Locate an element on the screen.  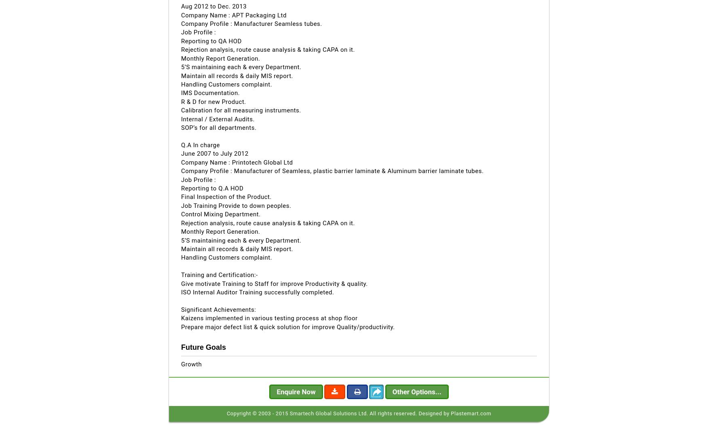
'Reporting to QA HOD' is located at coordinates (211, 41).